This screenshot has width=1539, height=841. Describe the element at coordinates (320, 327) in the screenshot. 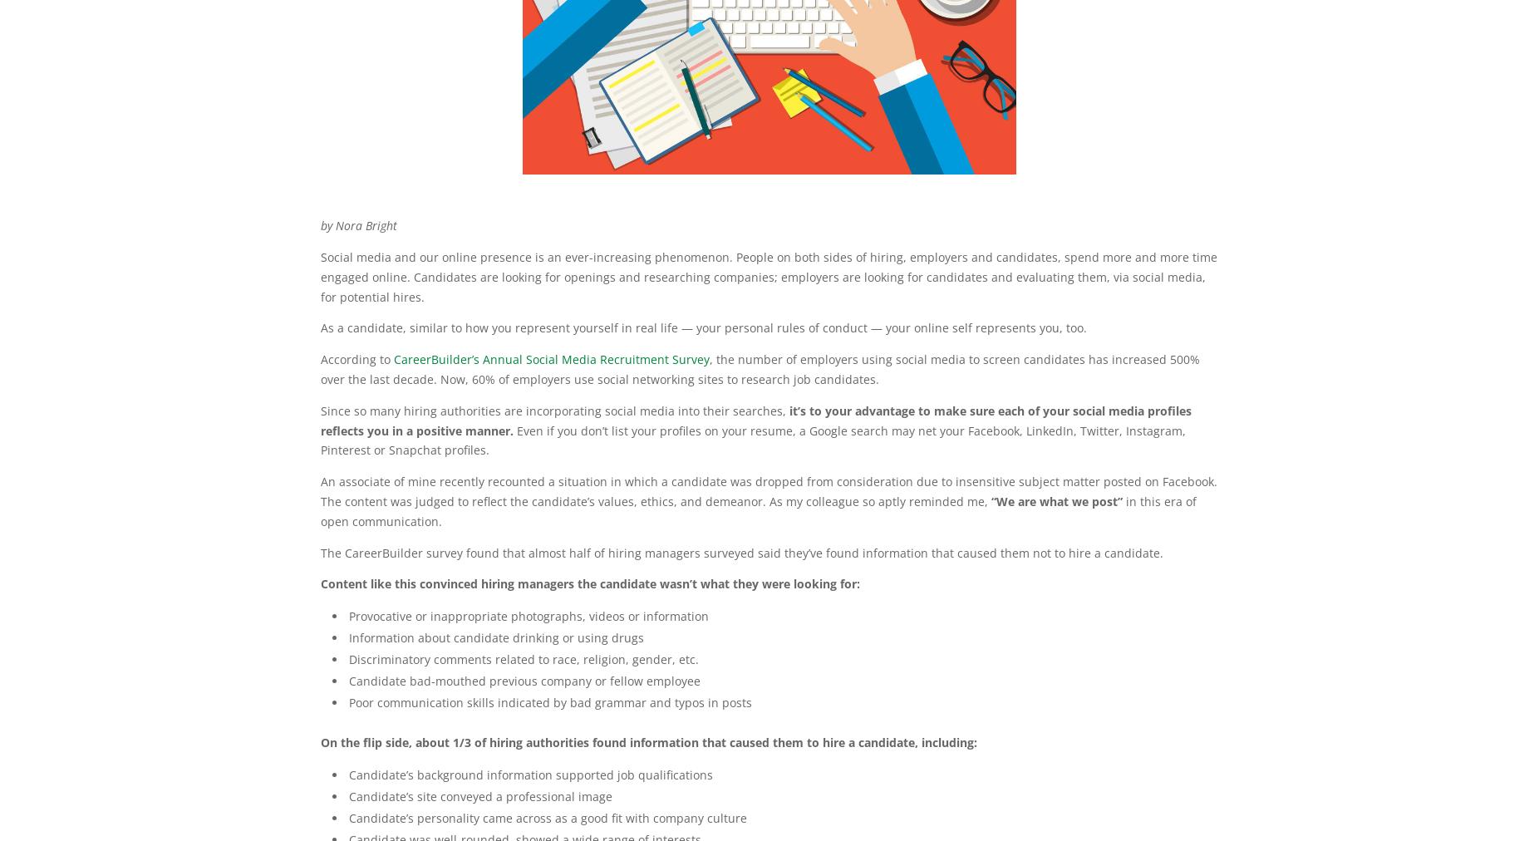

I see `'As a candidate, similar to how you represent yourself in real life — your personal rules of conduct — your online self represents you, too.'` at that location.